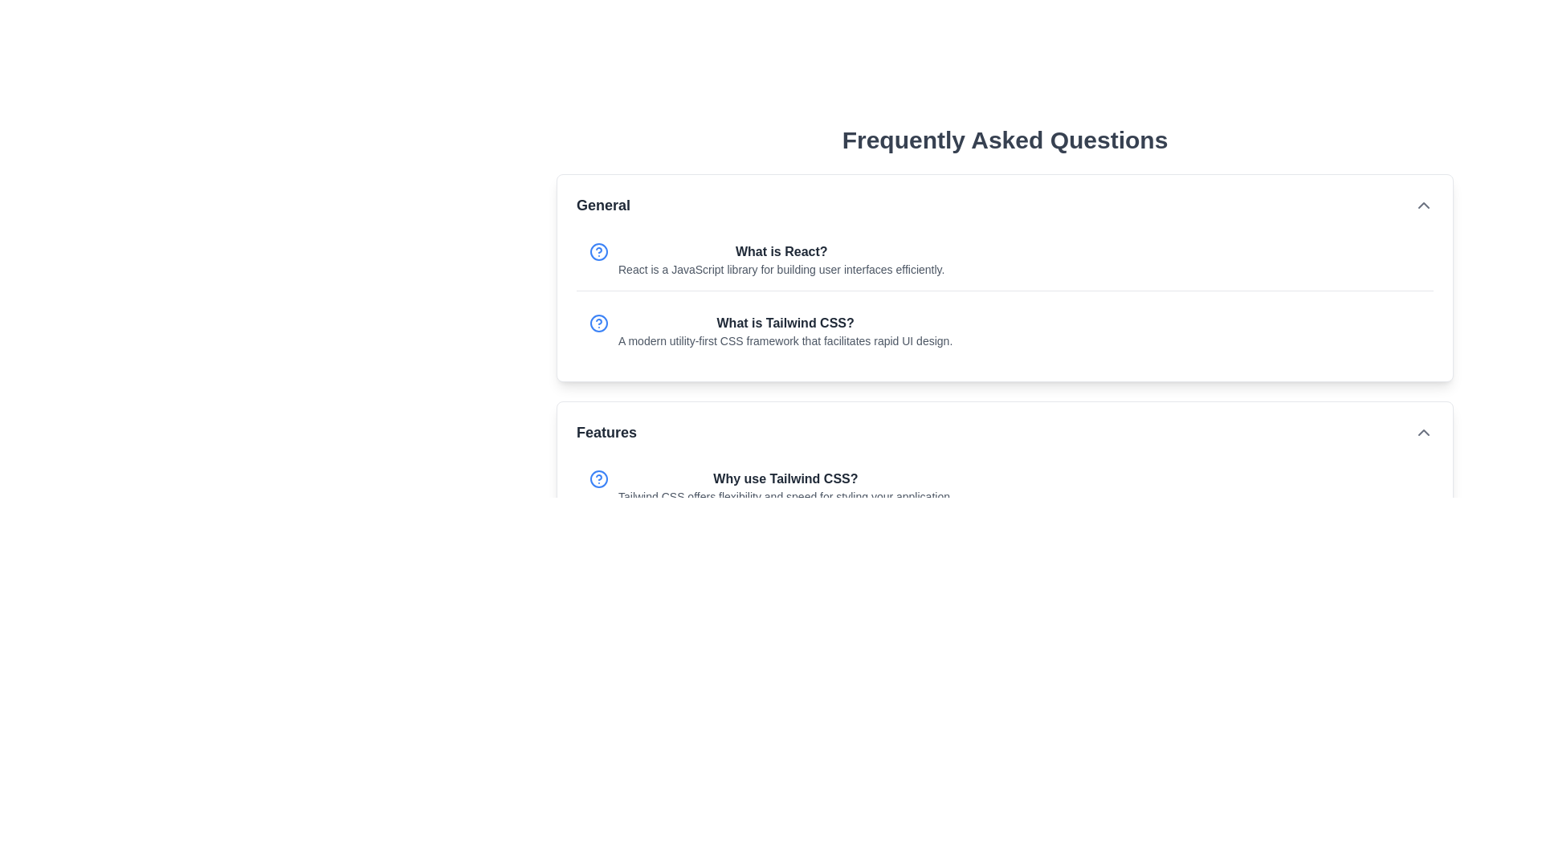 The image size is (1542, 867). What do you see at coordinates (1004, 486) in the screenshot?
I see `FAQ entry about Tailwind CSS, which is the first item in the 'Features' section of the FAQ interface` at bounding box center [1004, 486].